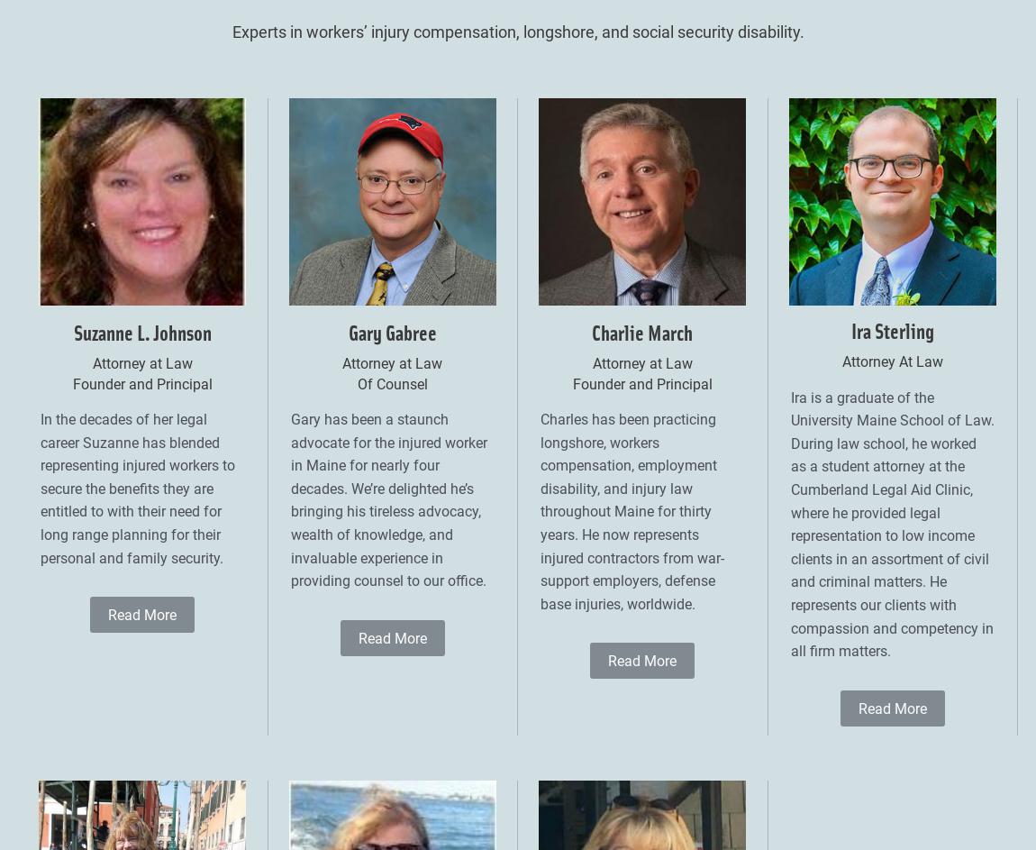 This screenshot has height=850, width=1036. What do you see at coordinates (136, 489) in the screenshot?
I see `'In the decades of her legal career Suzanne has blended representing injured workers to secure the benefits they are entitled to with their need for long range planning for their personal and family security.'` at bounding box center [136, 489].